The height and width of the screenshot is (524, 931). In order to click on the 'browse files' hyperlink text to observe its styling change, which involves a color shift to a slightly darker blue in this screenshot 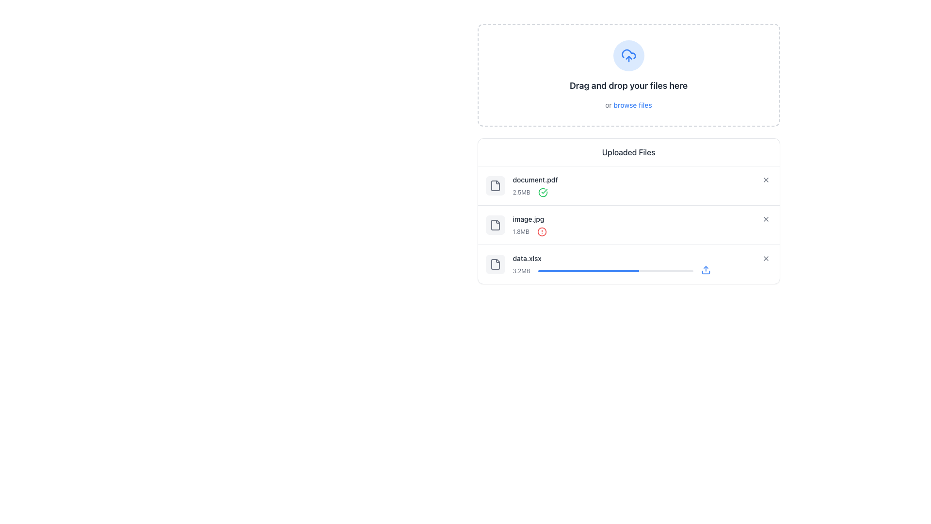, I will do `click(633, 105)`.